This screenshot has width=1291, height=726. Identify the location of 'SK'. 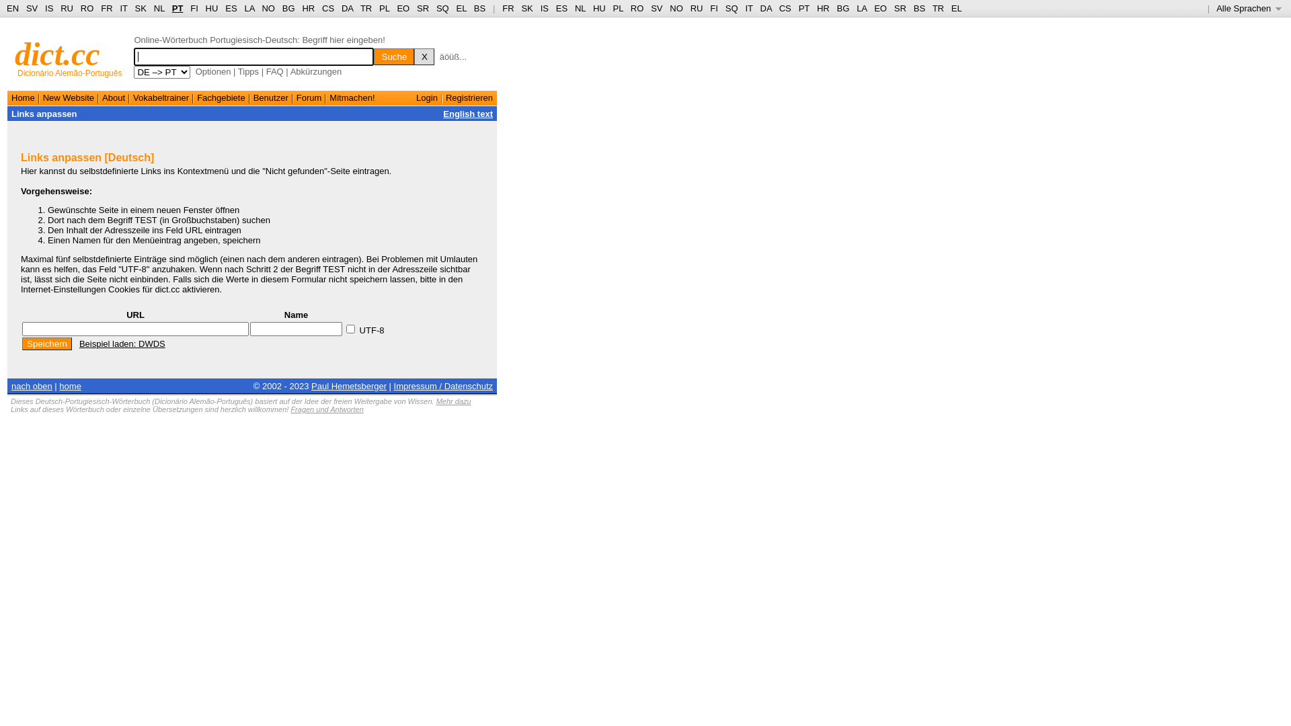
(526, 8).